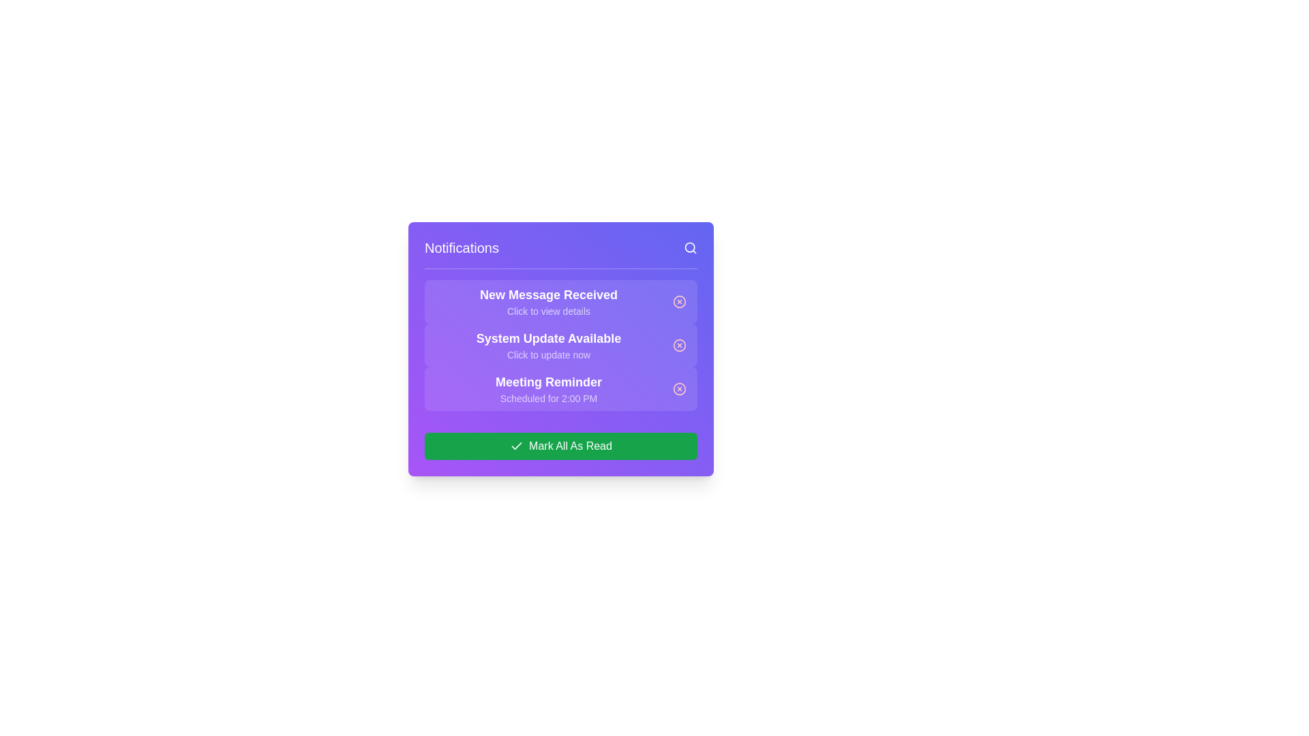 This screenshot has width=1309, height=736. What do you see at coordinates (549, 294) in the screenshot?
I see `the informational text label indicating the title or subject of a new message notification, which is the first entry in the notifications list under the 'Notifications' heading` at bounding box center [549, 294].